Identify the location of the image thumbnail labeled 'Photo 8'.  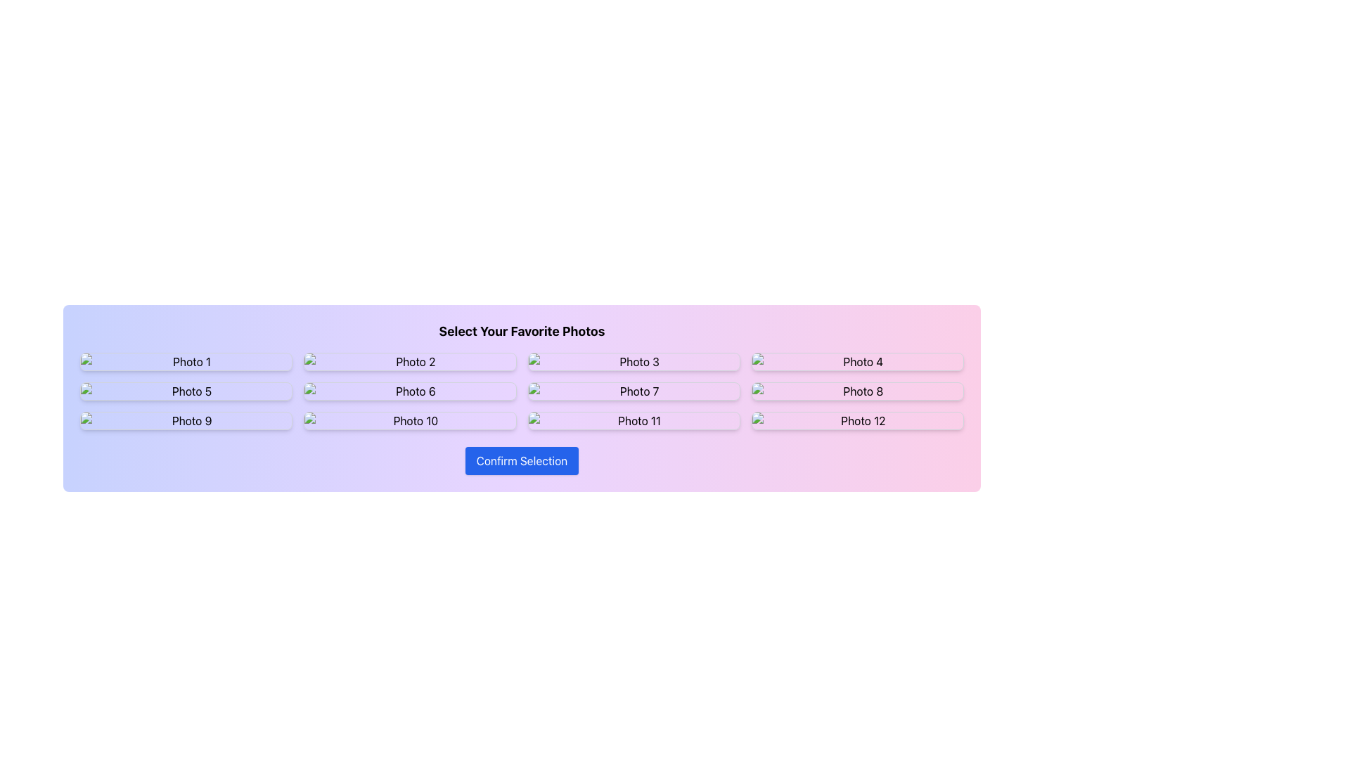
(856, 391).